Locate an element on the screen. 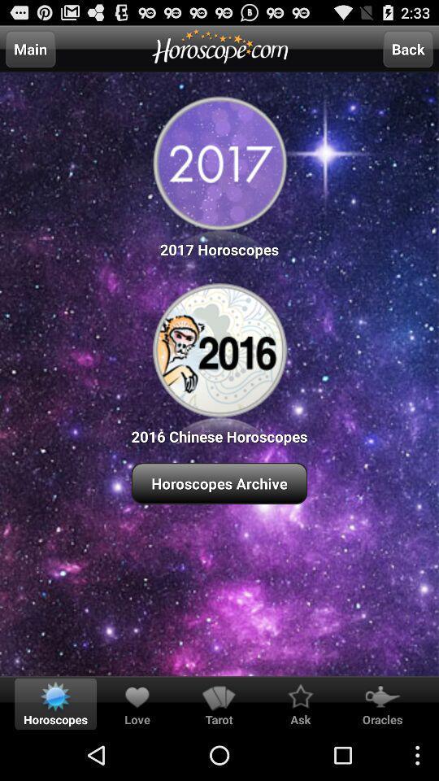 The height and width of the screenshot is (781, 439). the icon at the top right corner is located at coordinates (407, 48).